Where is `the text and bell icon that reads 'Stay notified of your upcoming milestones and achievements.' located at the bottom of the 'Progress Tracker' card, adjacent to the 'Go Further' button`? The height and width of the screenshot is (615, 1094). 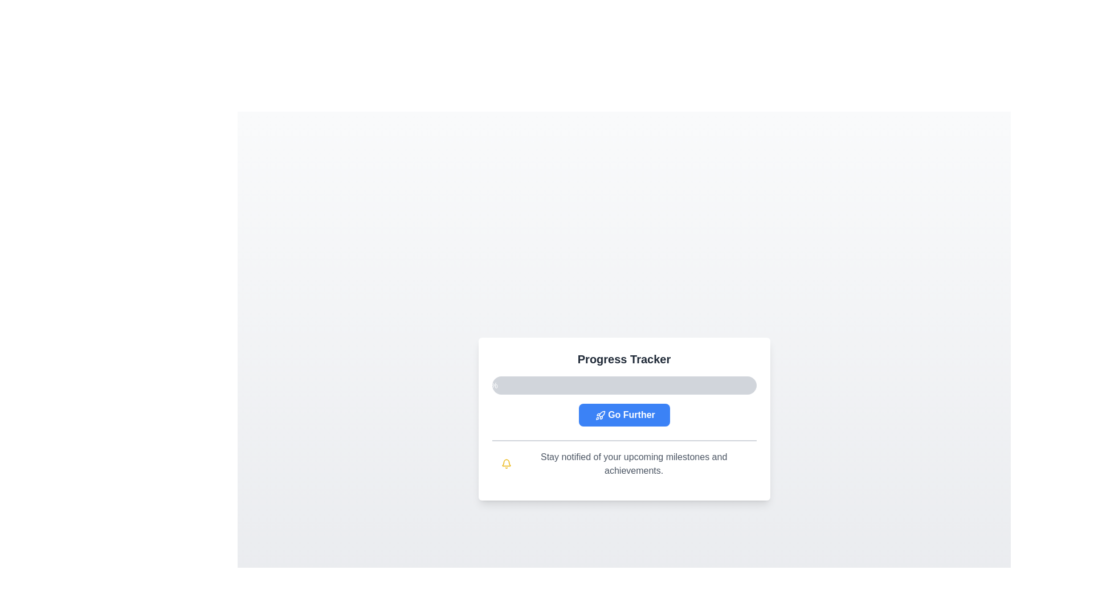 the text and bell icon that reads 'Stay notified of your upcoming milestones and achievements.' located at the bottom of the 'Progress Tracker' card, adjacent to the 'Go Further' button is located at coordinates (623, 463).